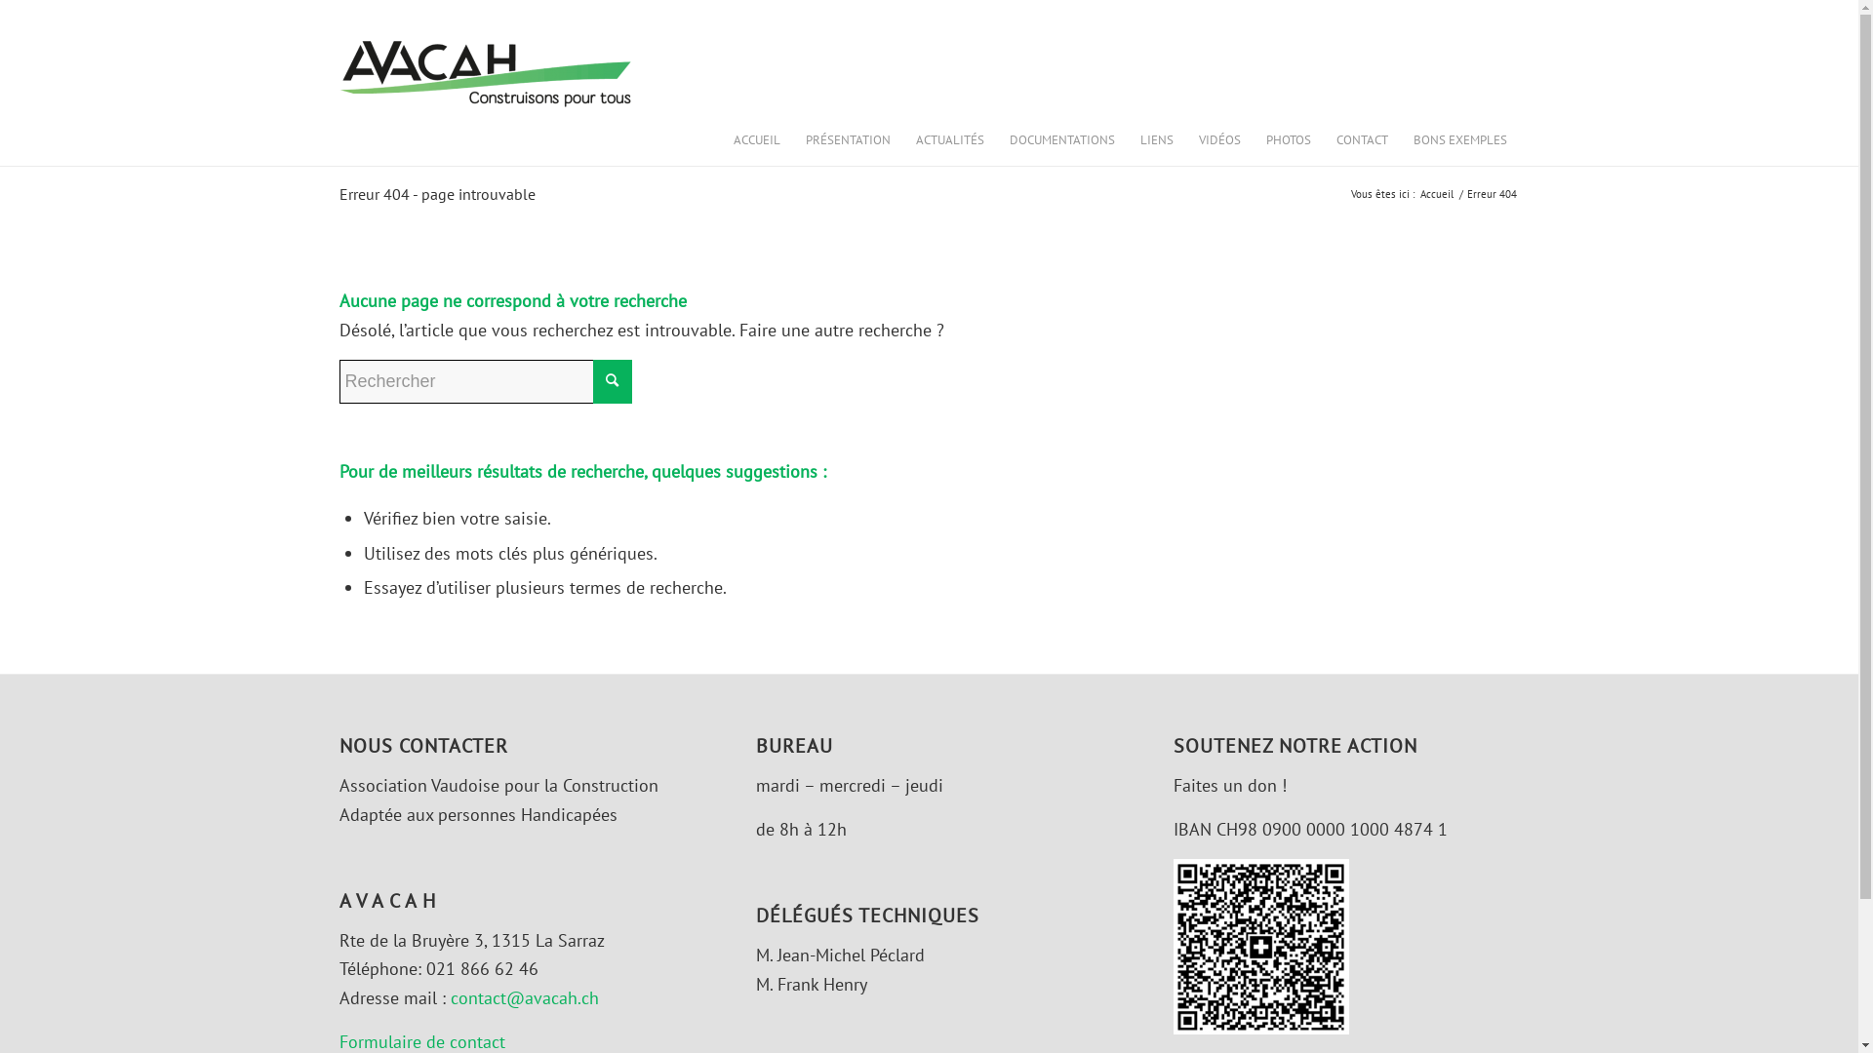  Describe the element at coordinates (1156, 138) in the screenshot. I see `'LIENS'` at that location.